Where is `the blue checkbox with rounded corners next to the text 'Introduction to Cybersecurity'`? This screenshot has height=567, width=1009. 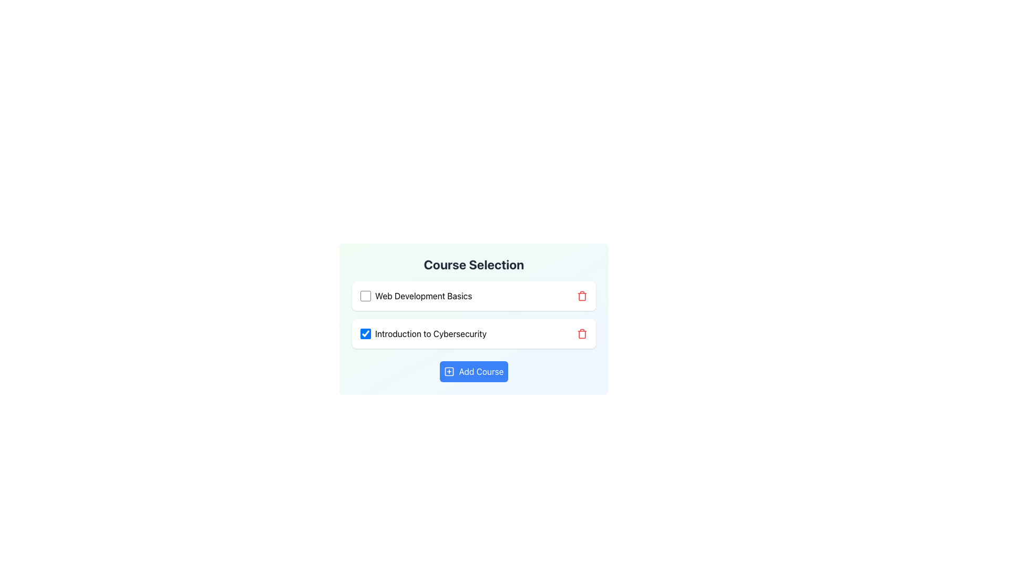 the blue checkbox with rounded corners next to the text 'Introduction to Cybersecurity' is located at coordinates (366, 334).